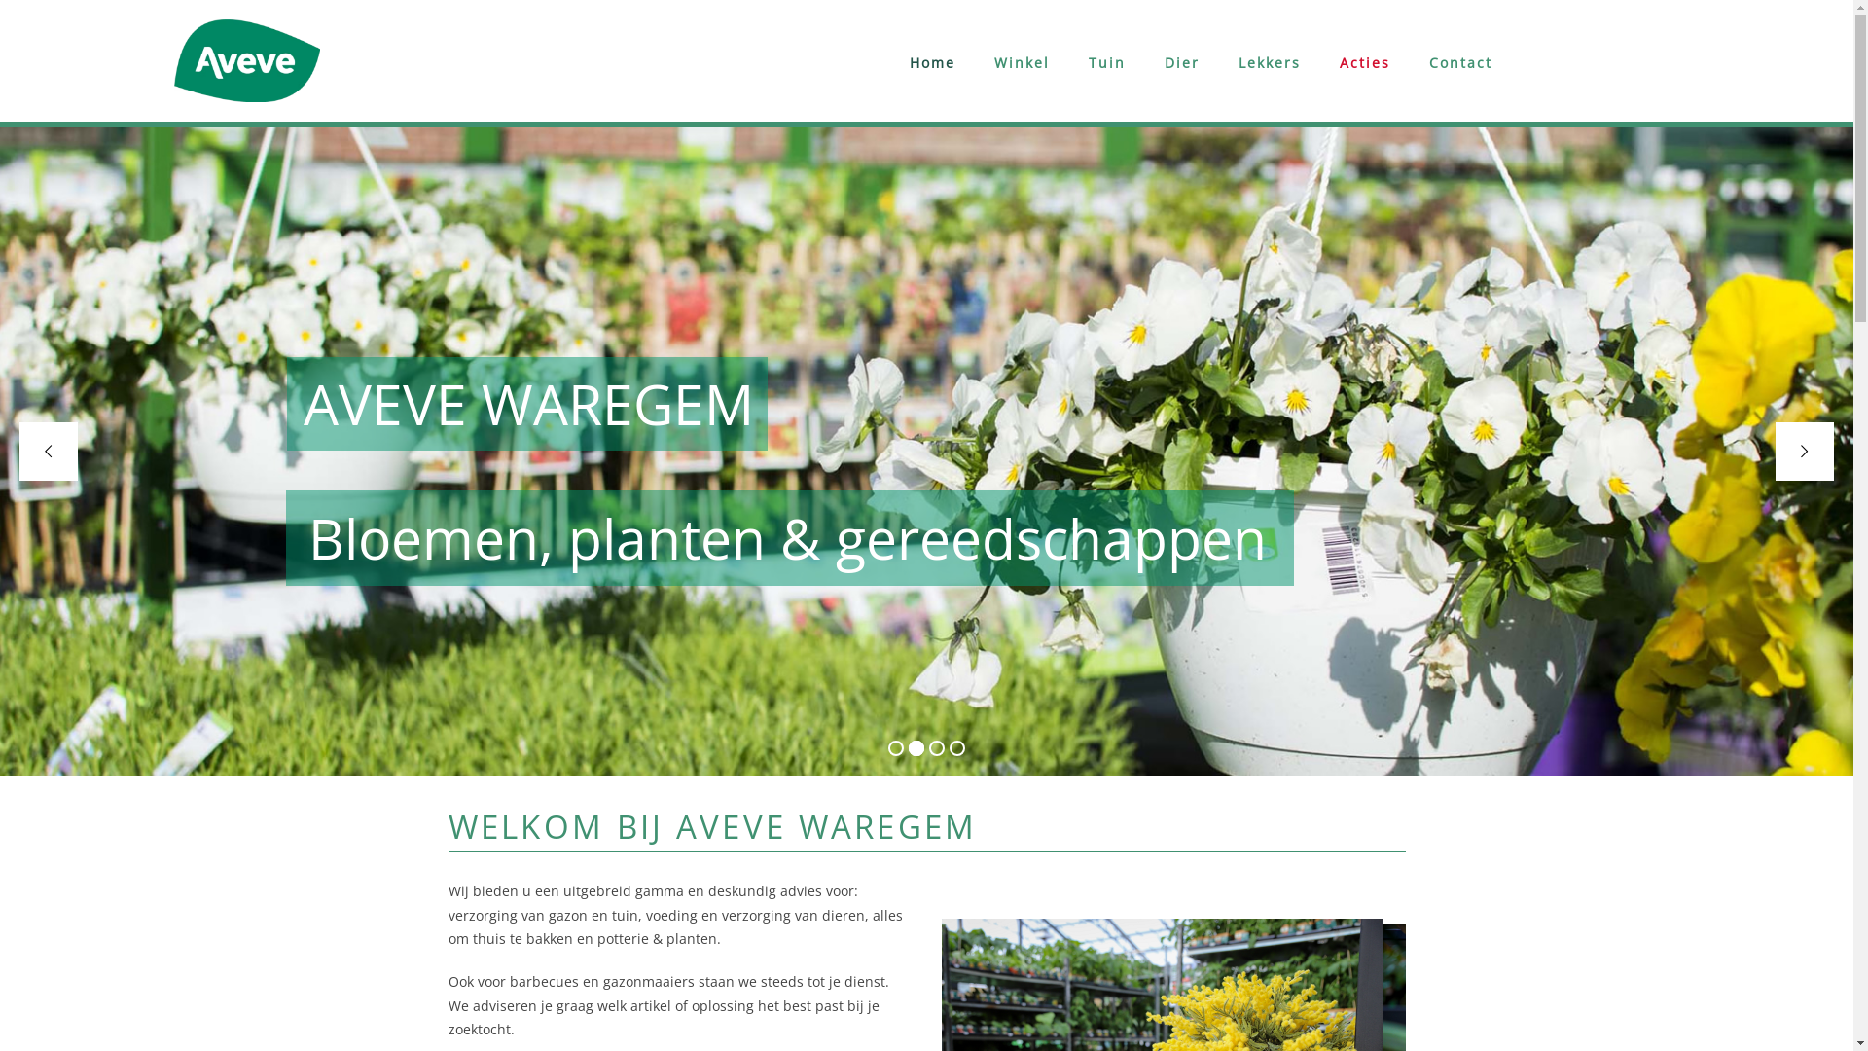  What do you see at coordinates (1180, 62) in the screenshot?
I see `'Dier'` at bounding box center [1180, 62].